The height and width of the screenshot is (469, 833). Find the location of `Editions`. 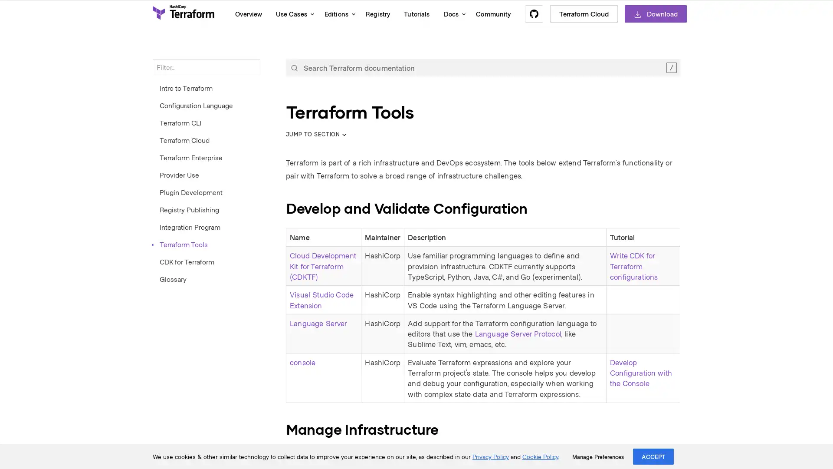

Editions is located at coordinates (337, 13).